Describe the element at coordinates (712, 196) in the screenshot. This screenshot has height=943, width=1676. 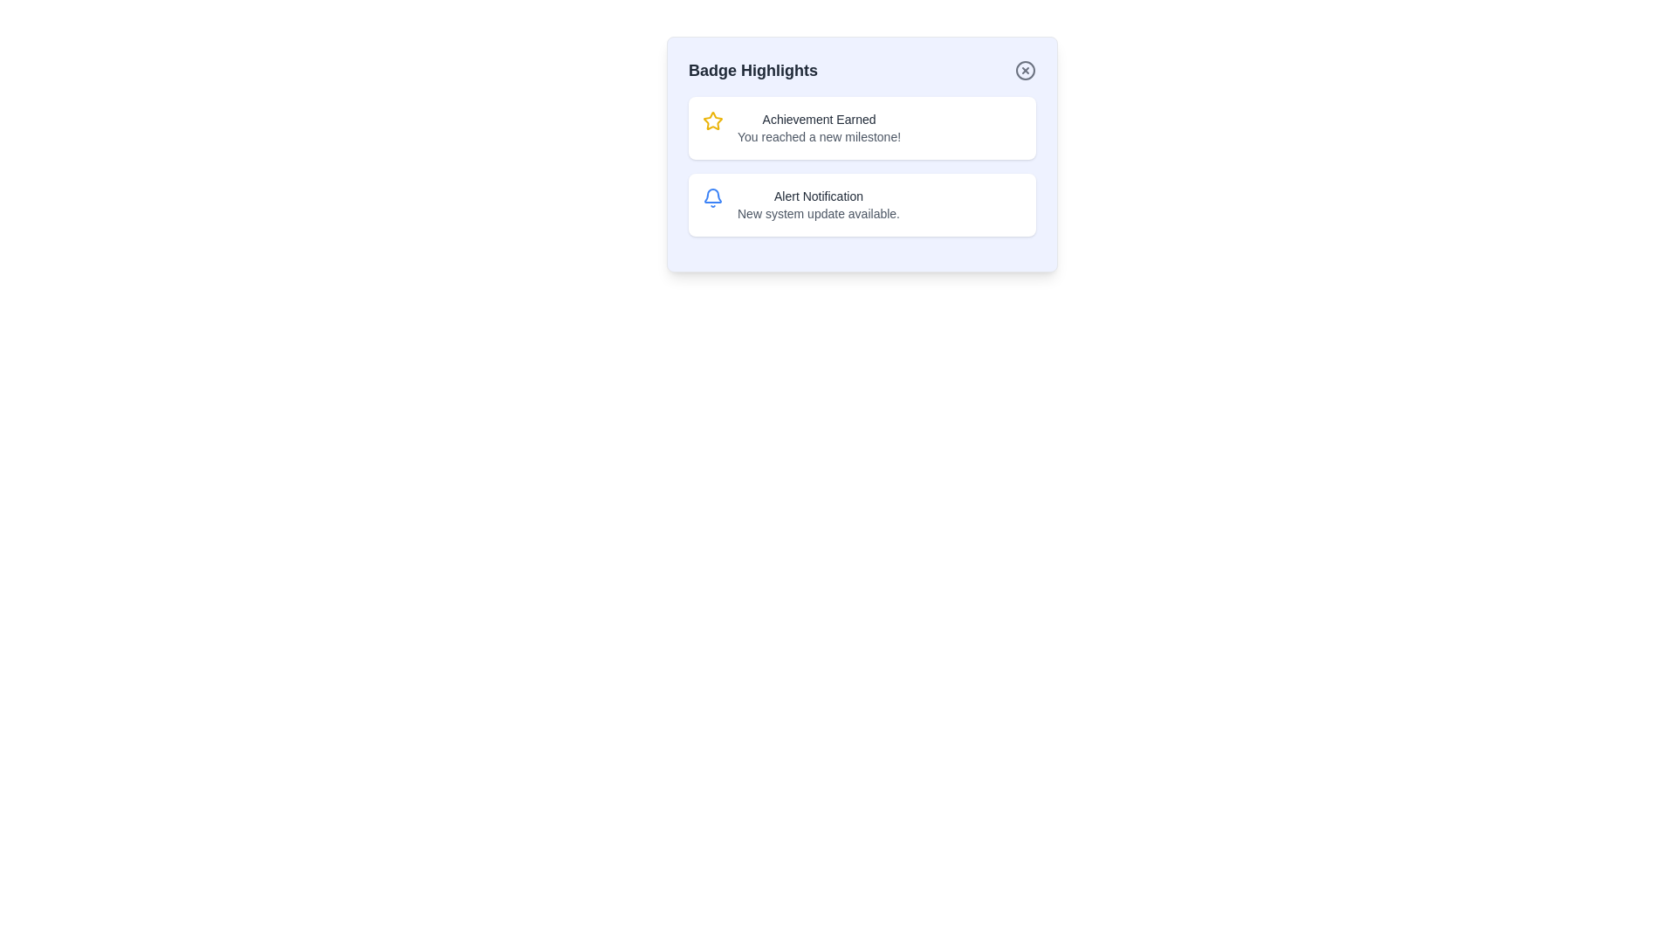
I see `the visual representation of the notification bell icon located in the middle-left region of the 'Badge Highlights' card, specifically positioned below the star icon` at that location.